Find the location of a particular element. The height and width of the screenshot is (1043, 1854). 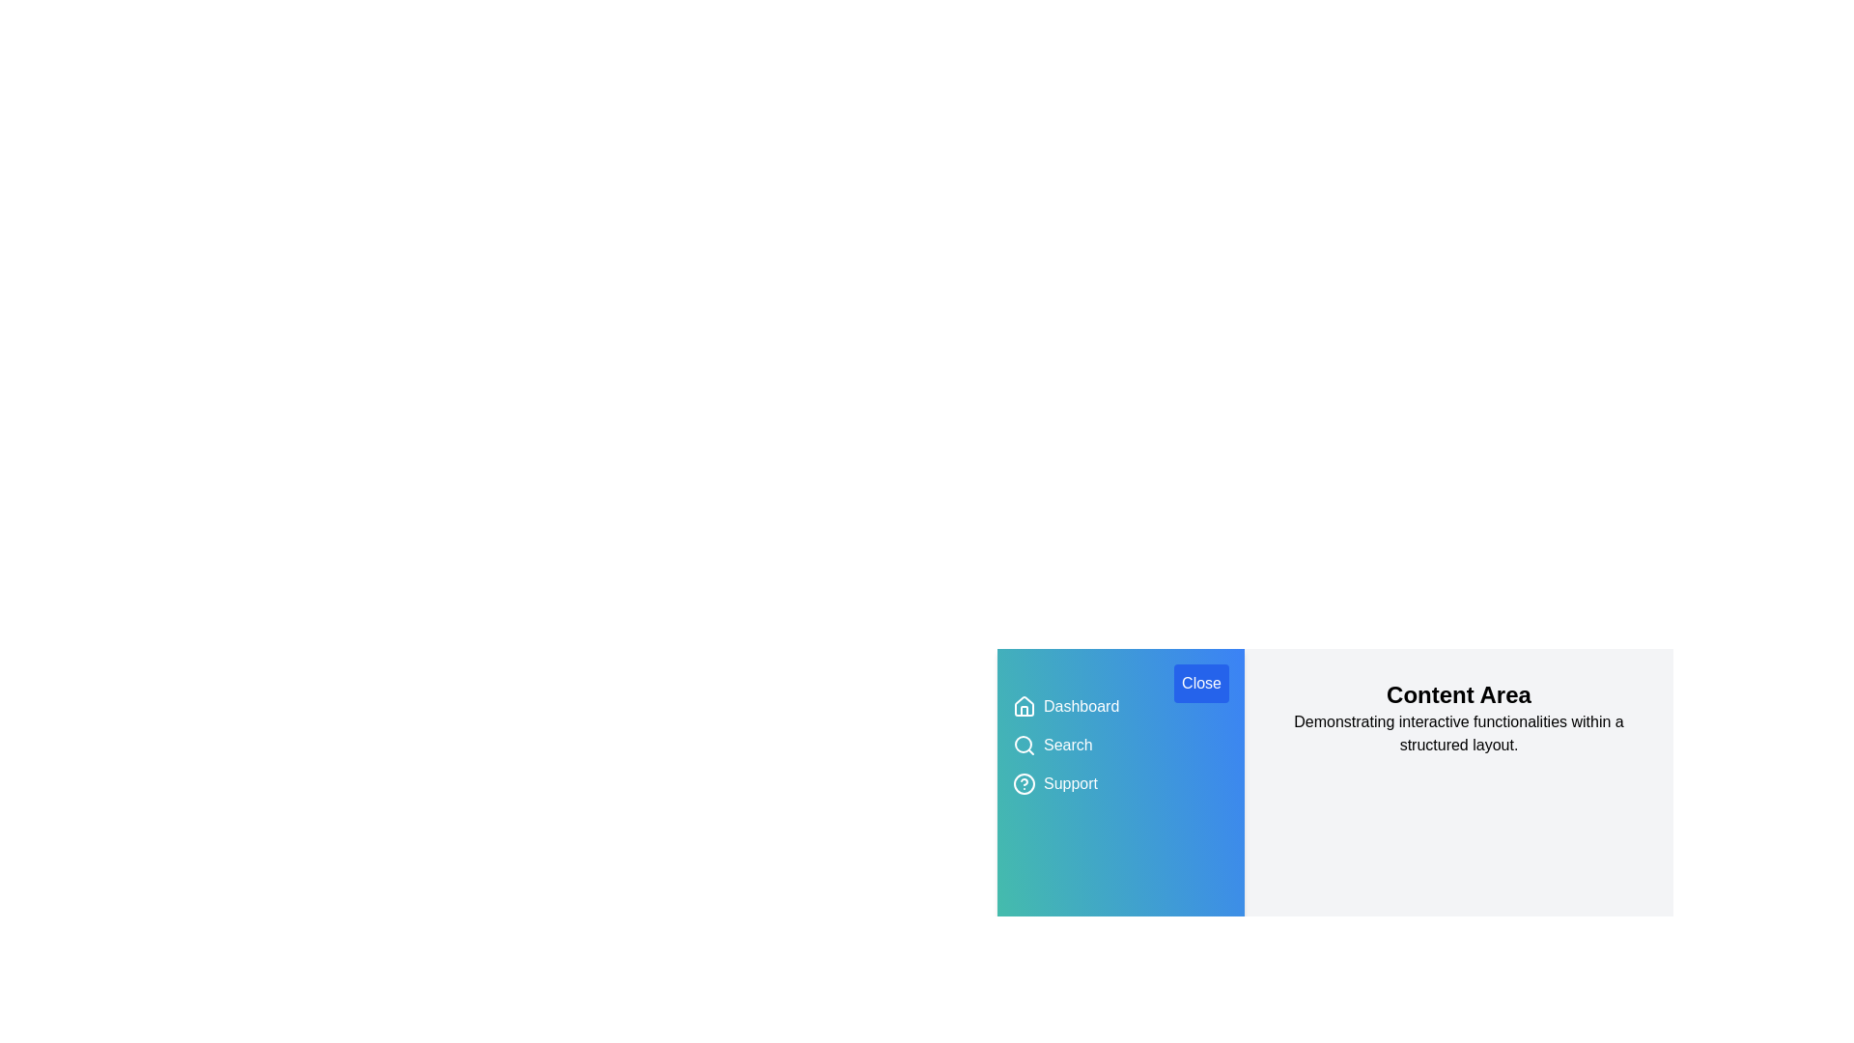

button labeled 'Close' to toggle the drawer is located at coordinates (1199, 683).